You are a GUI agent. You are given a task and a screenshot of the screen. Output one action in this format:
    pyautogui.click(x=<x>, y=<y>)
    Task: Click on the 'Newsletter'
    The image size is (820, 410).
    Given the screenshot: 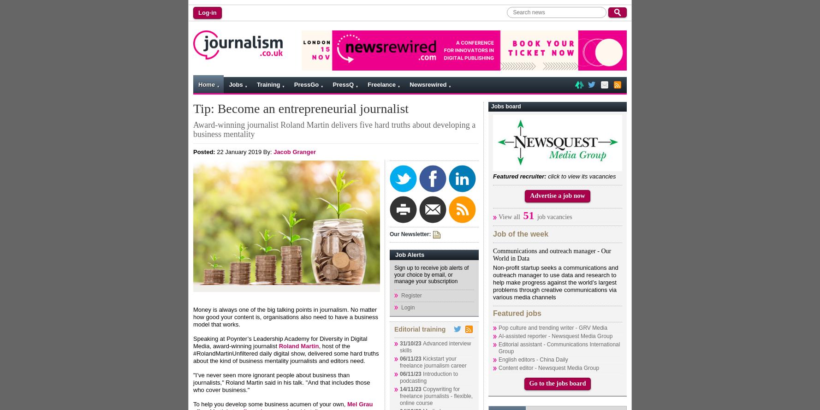 What is the action you would take?
    pyautogui.click(x=224, y=132)
    